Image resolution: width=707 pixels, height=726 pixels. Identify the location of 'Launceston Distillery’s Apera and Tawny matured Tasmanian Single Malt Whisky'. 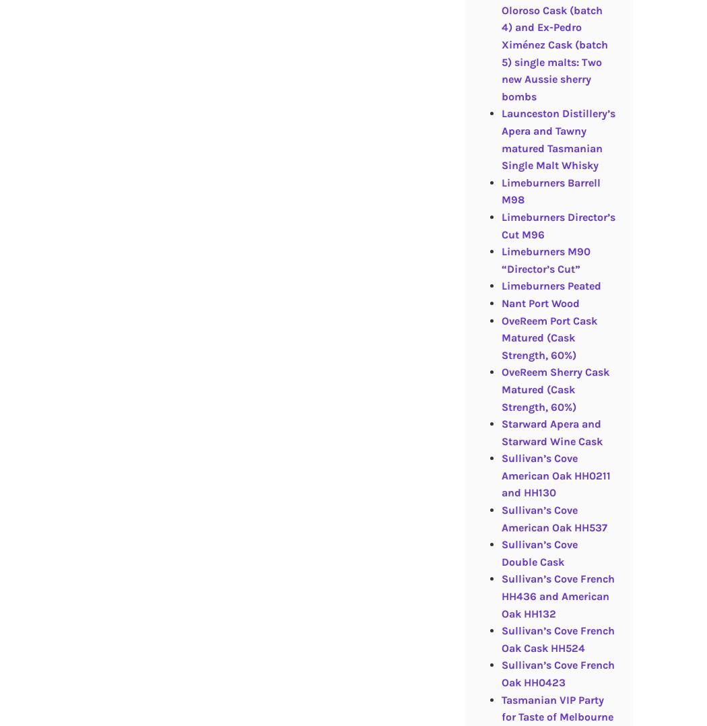
(558, 139).